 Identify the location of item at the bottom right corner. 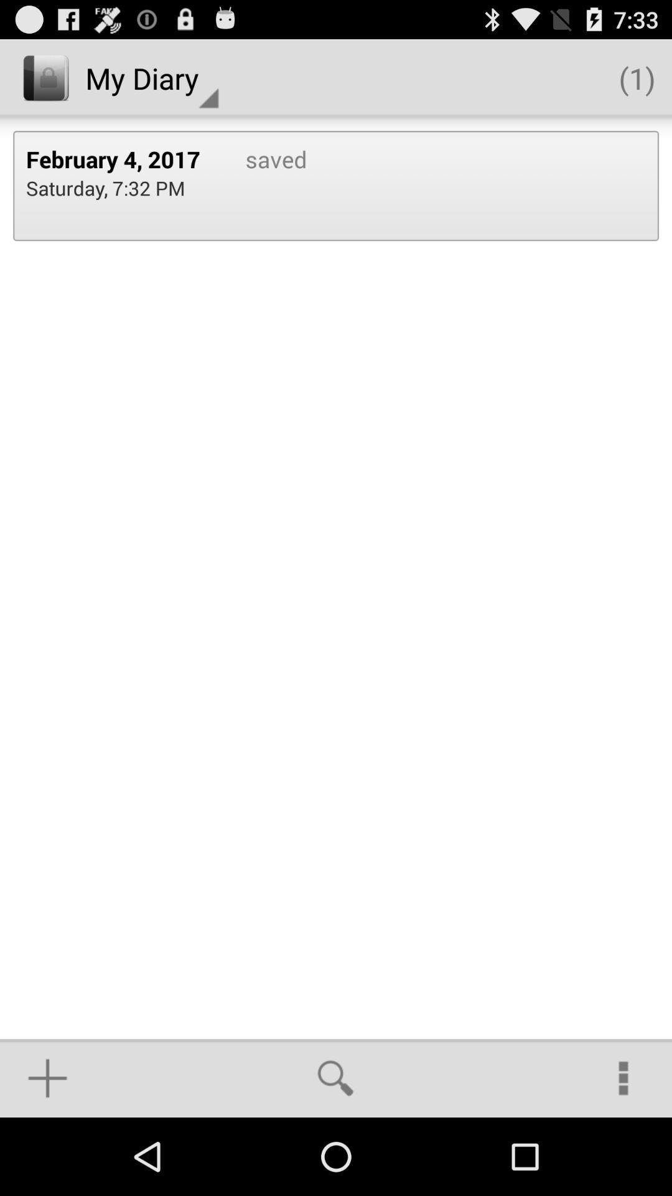
(623, 1078).